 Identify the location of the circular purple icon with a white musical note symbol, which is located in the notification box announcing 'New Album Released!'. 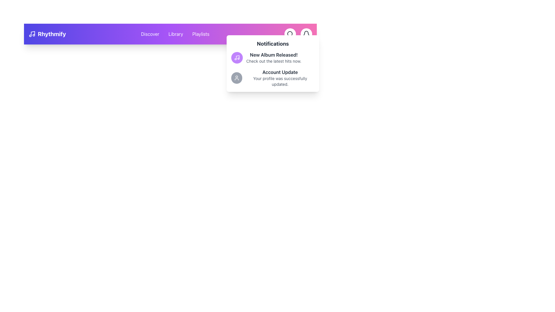
(237, 58).